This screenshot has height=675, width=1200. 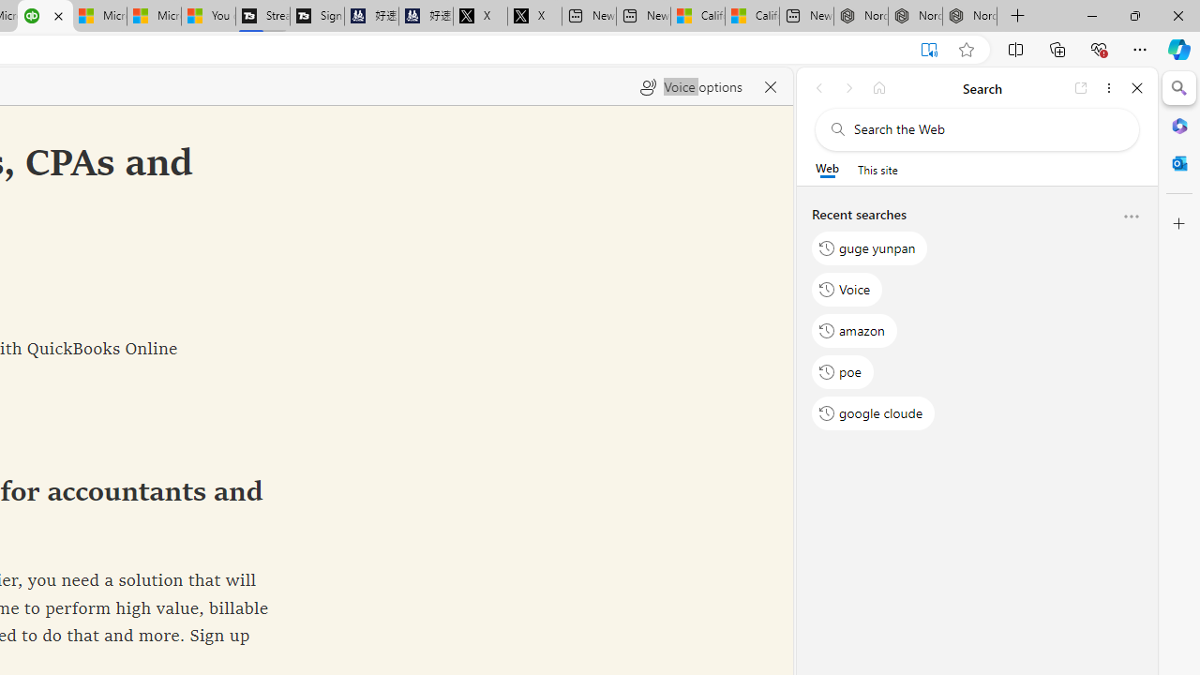 I want to click on 'guge yunpan', so click(x=869, y=247).